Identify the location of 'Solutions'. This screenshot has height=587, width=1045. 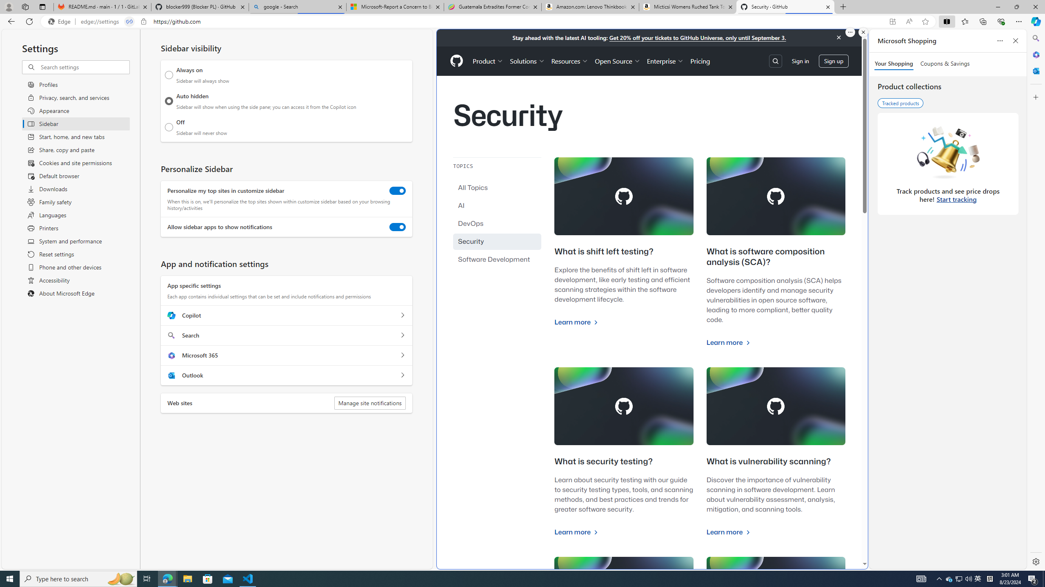
(527, 61).